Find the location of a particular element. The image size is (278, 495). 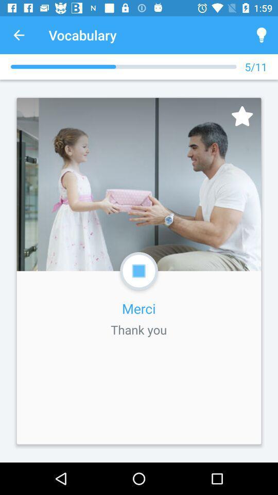

the icon to the left of the vocabulary is located at coordinates (19, 35).